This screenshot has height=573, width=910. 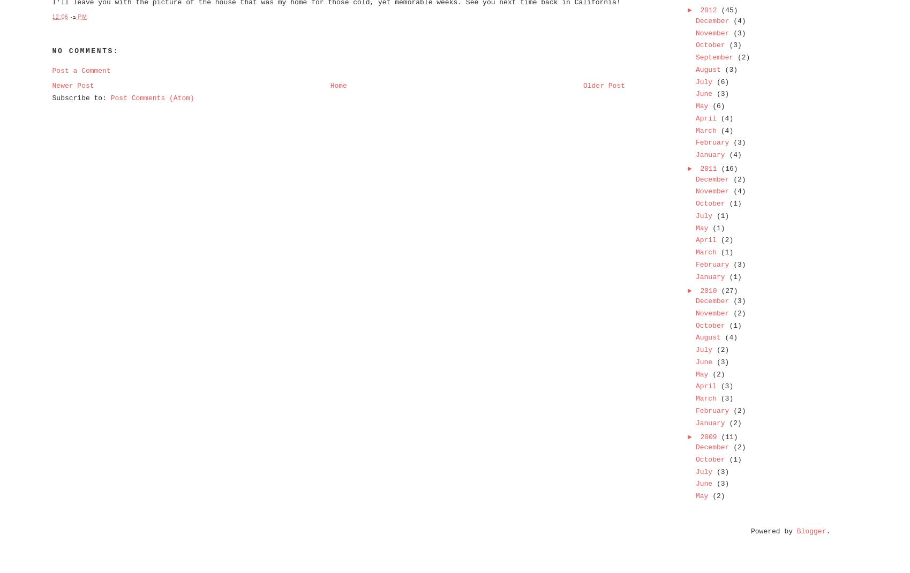 I want to click on 'September', so click(x=716, y=57).